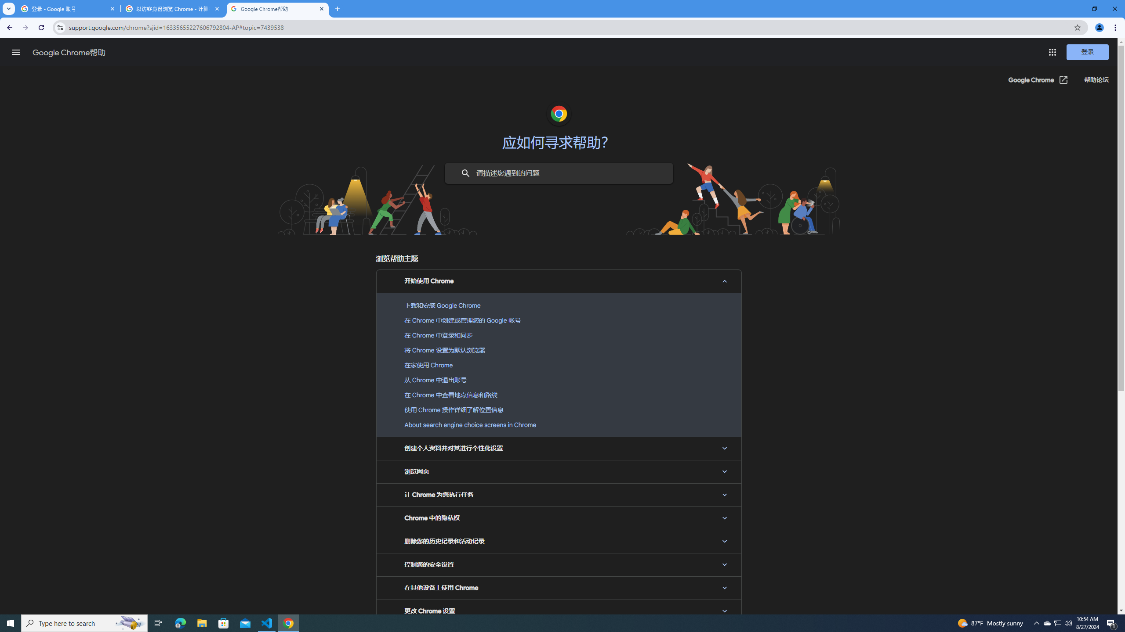  What do you see at coordinates (559, 424) in the screenshot?
I see `'About search engine choice screens in Chrome'` at bounding box center [559, 424].